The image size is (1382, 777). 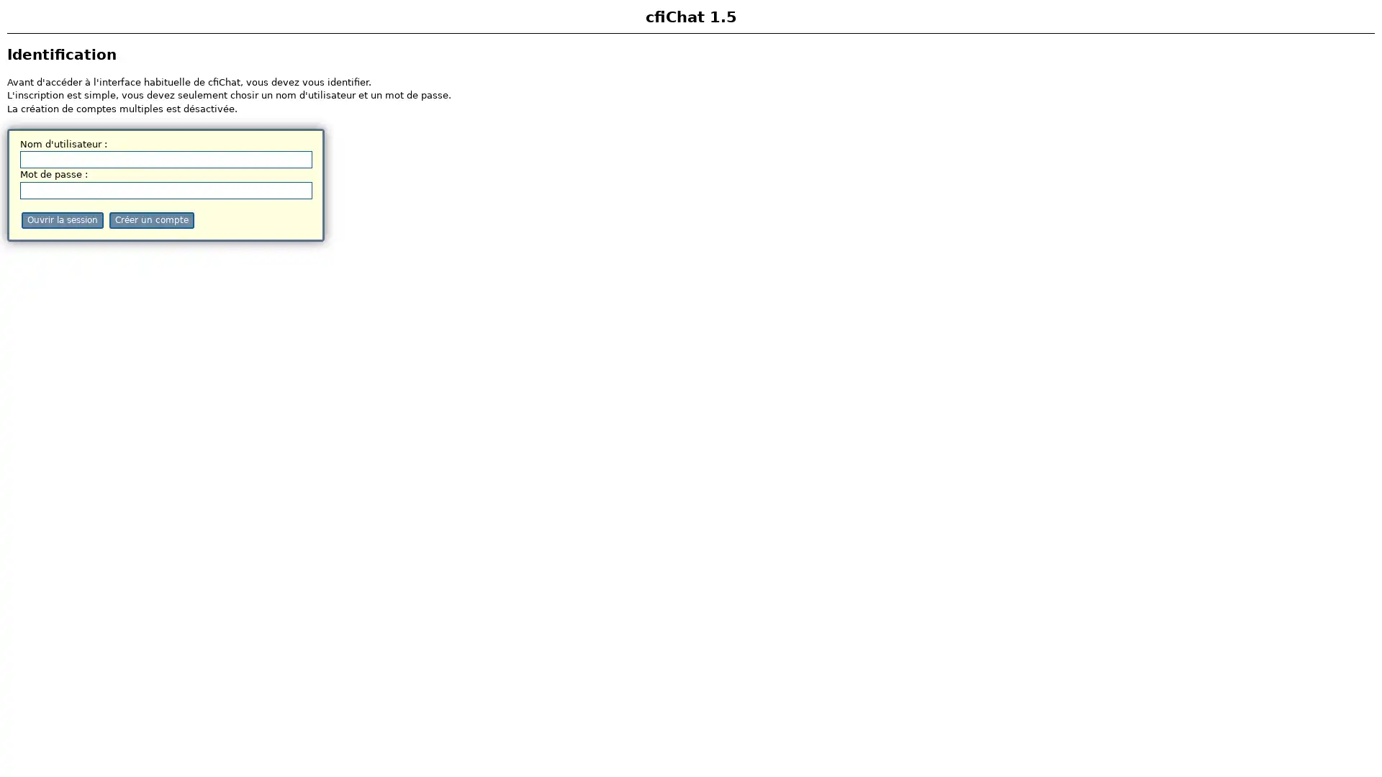 What do you see at coordinates (61, 219) in the screenshot?
I see `Ouvrir la session` at bounding box center [61, 219].